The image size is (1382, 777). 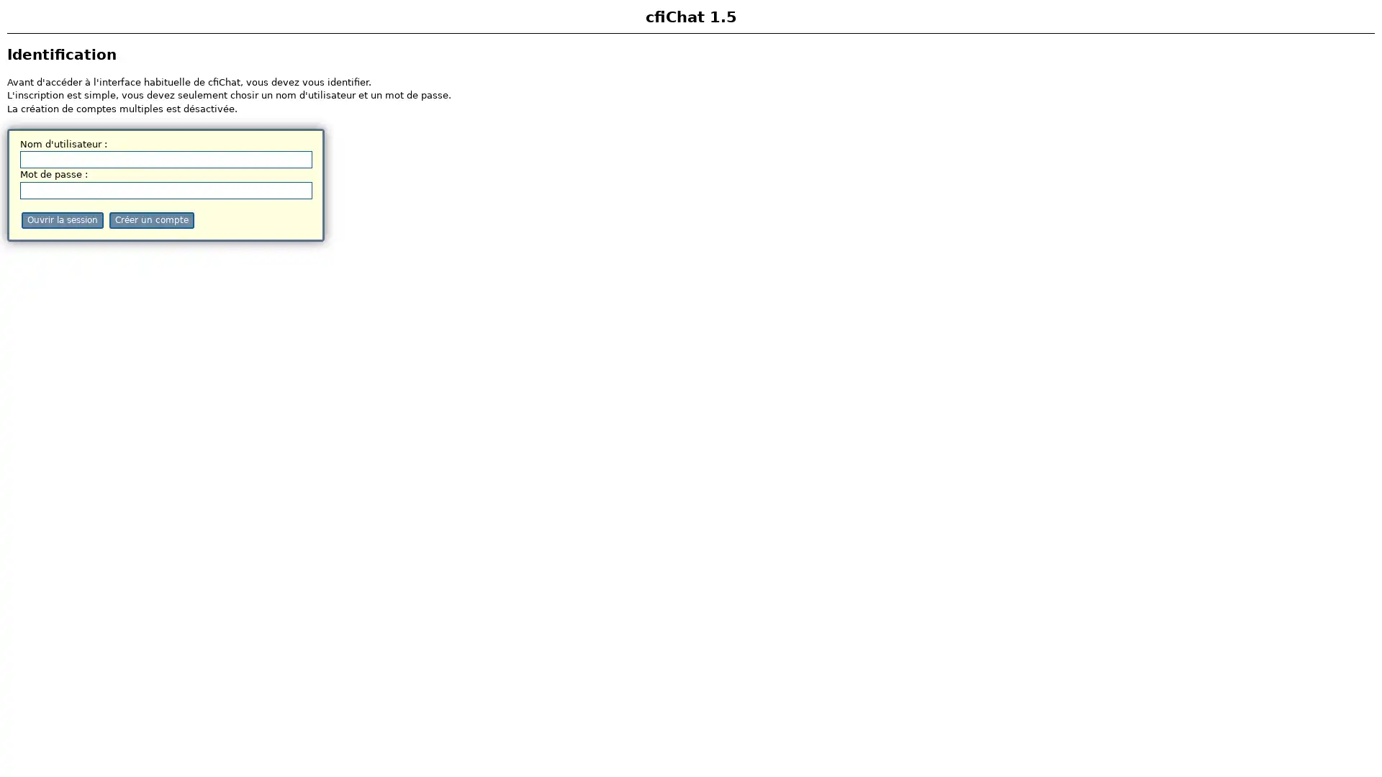 What do you see at coordinates (61, 219) in the screenshot?
I see `Ouvrir la session` at bounding box center [61, 219].